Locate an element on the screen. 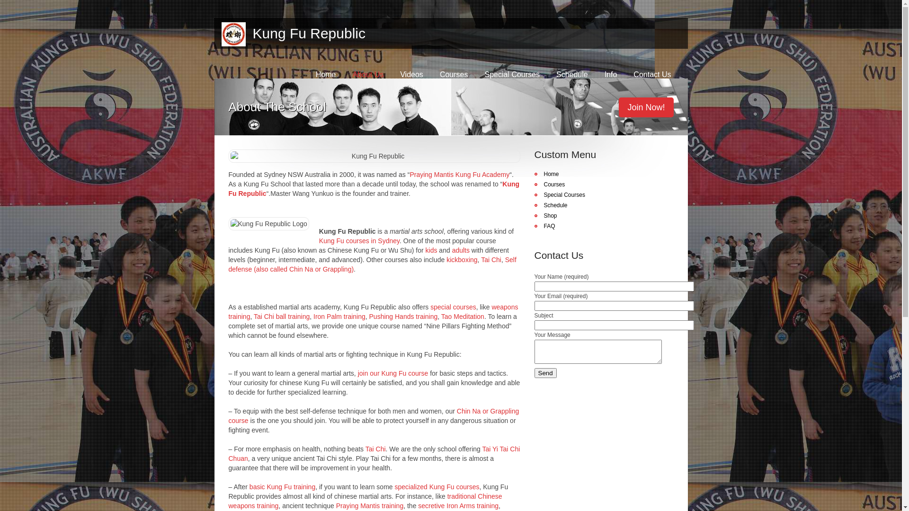 The width and height of the screenshot is (909, 511). 'Home' is located at coordinates (326, 74).